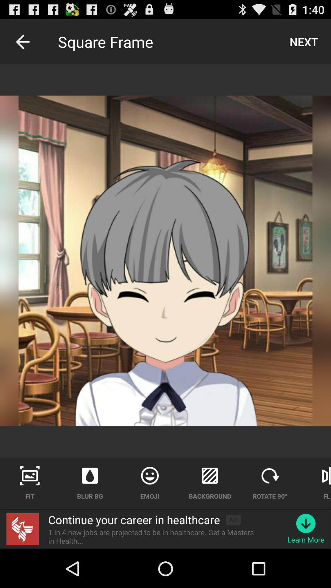 The height and width of the screenshot is (588, 331). What do you see at coordinates (22, 44) in the screenshot?
I see `the arrow_backward icon` at bounding box center [22, 44].